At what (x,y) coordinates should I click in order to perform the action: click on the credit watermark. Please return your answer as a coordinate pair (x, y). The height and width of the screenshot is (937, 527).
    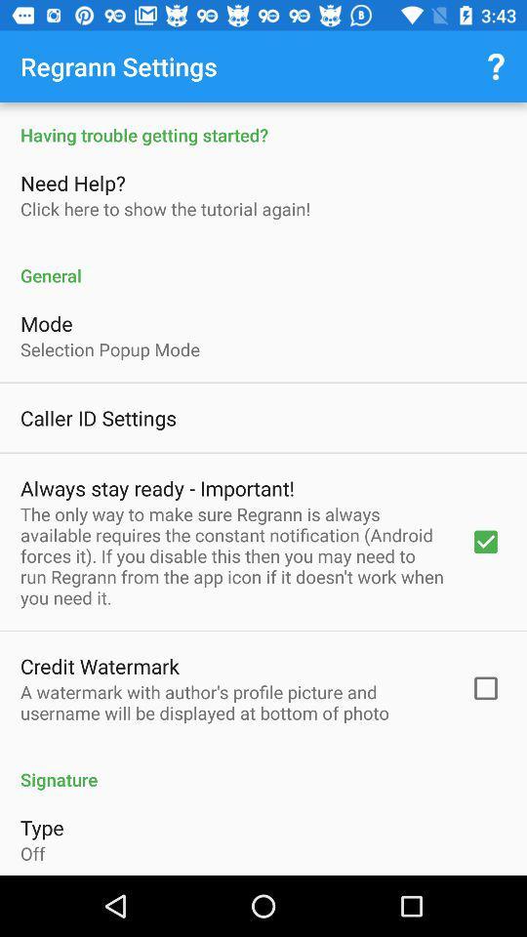
    Looking at the image, I should click on (100, 666).